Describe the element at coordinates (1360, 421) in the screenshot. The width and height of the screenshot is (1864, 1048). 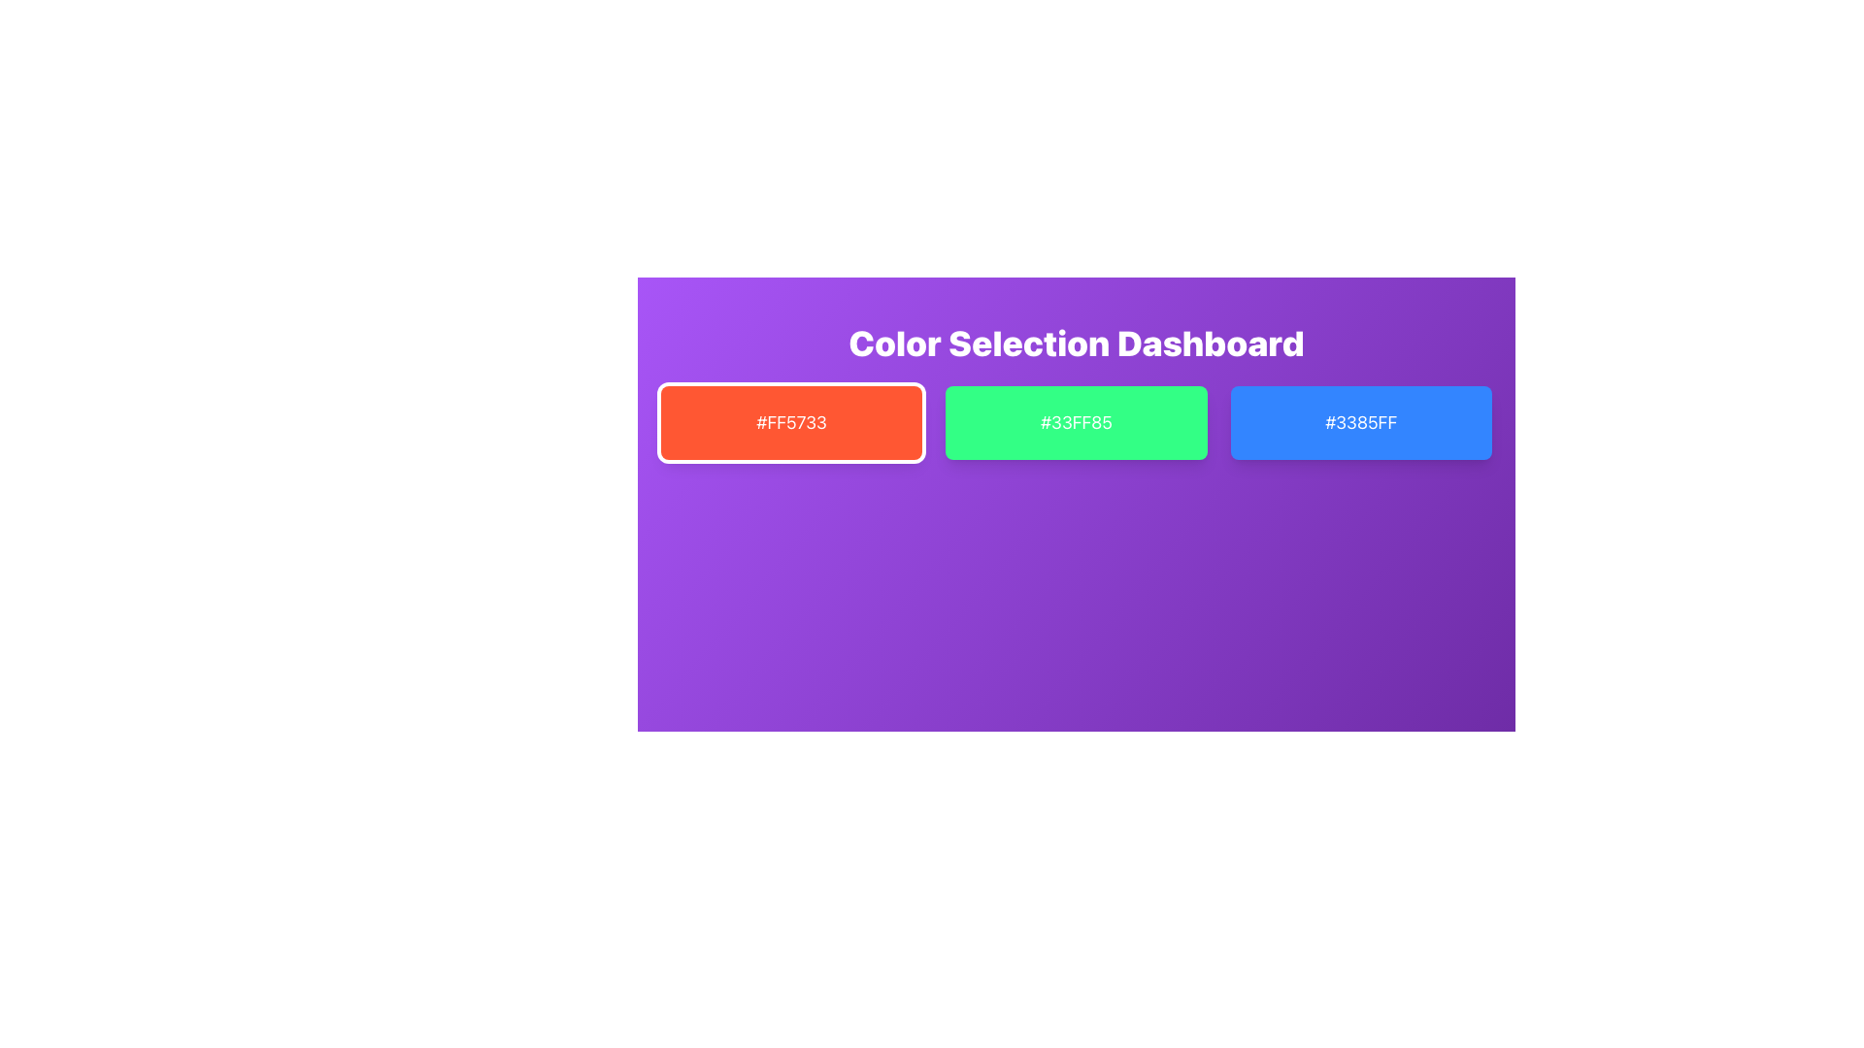
I see `the text element displaying the hexadecimal color code '#3385FF', which is located inside a blue rectangular button on the far right of a row of three color selection buttons on a purple background` at that location.